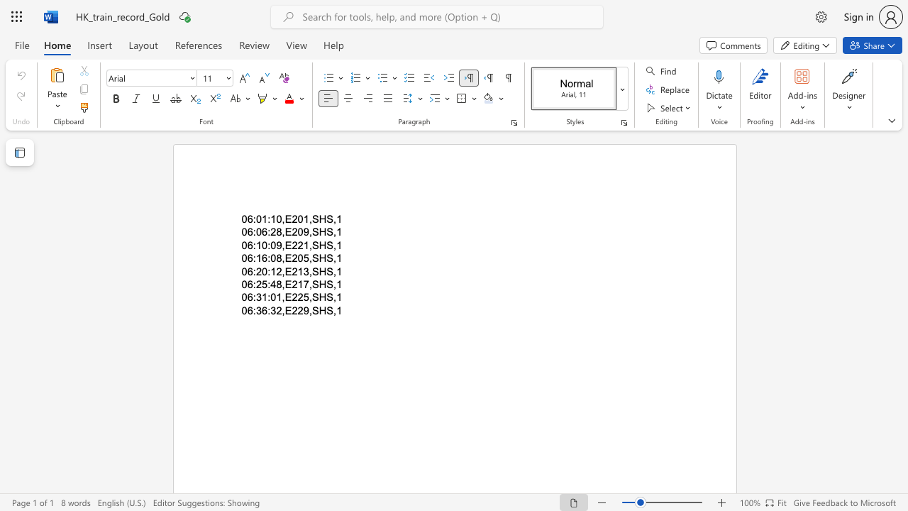 The image size is (908, 511). What do you see at coordinates (314, 244) in the screenshot?
I see `the 1th character "S" in the text` at bounding box center [314, 244].